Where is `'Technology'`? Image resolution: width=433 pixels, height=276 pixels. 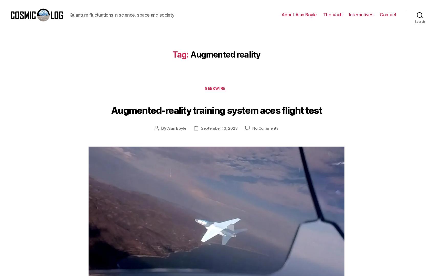 'Technology' is located at coordinates (234, 175).